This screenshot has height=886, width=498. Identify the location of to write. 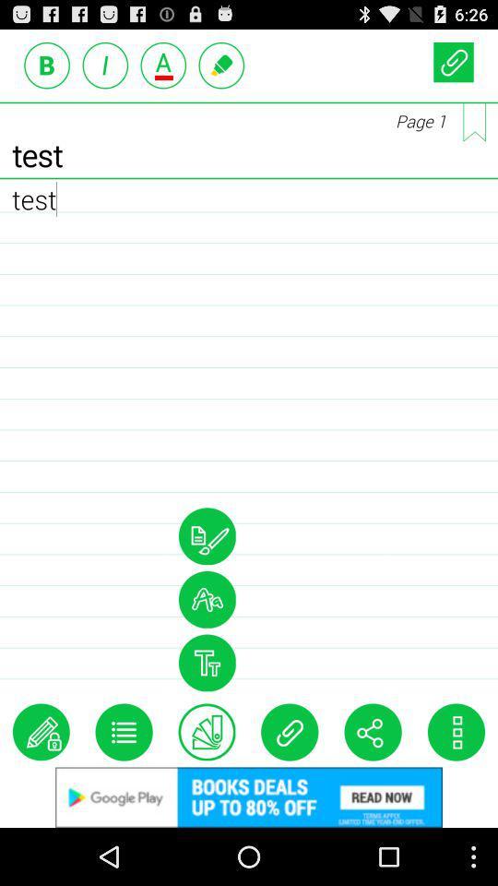
(221, 65).